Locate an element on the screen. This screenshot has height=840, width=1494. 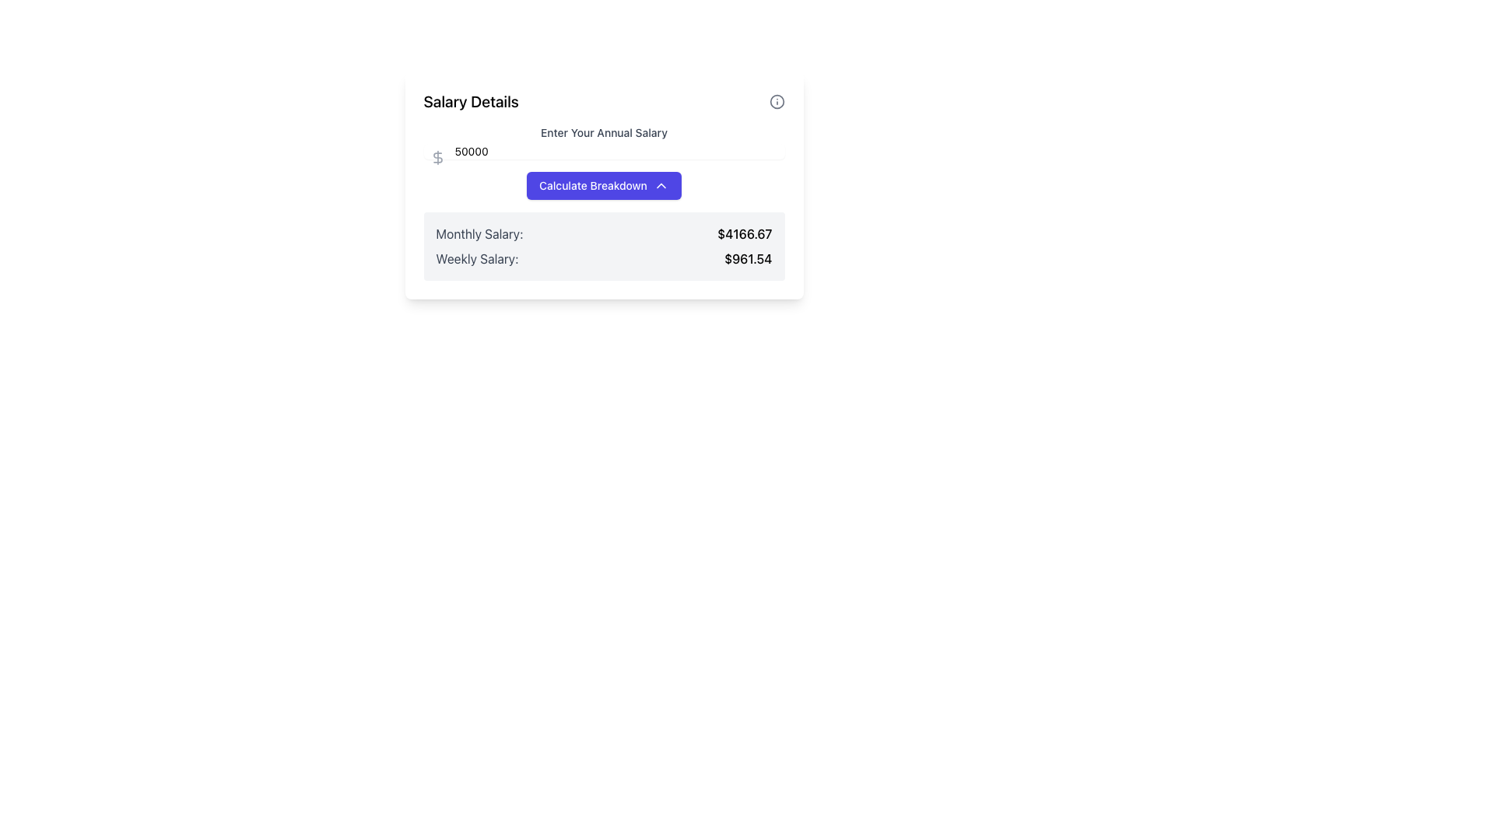
descriptive label for the input field that instructs users to input their annual salary, located at the top of the form section above the input box is located at coordinates (603, 131).